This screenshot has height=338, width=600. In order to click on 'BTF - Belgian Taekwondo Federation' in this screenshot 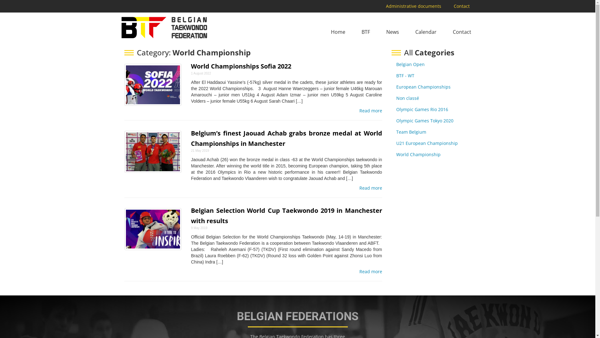, I will do `click(119, 27)`.